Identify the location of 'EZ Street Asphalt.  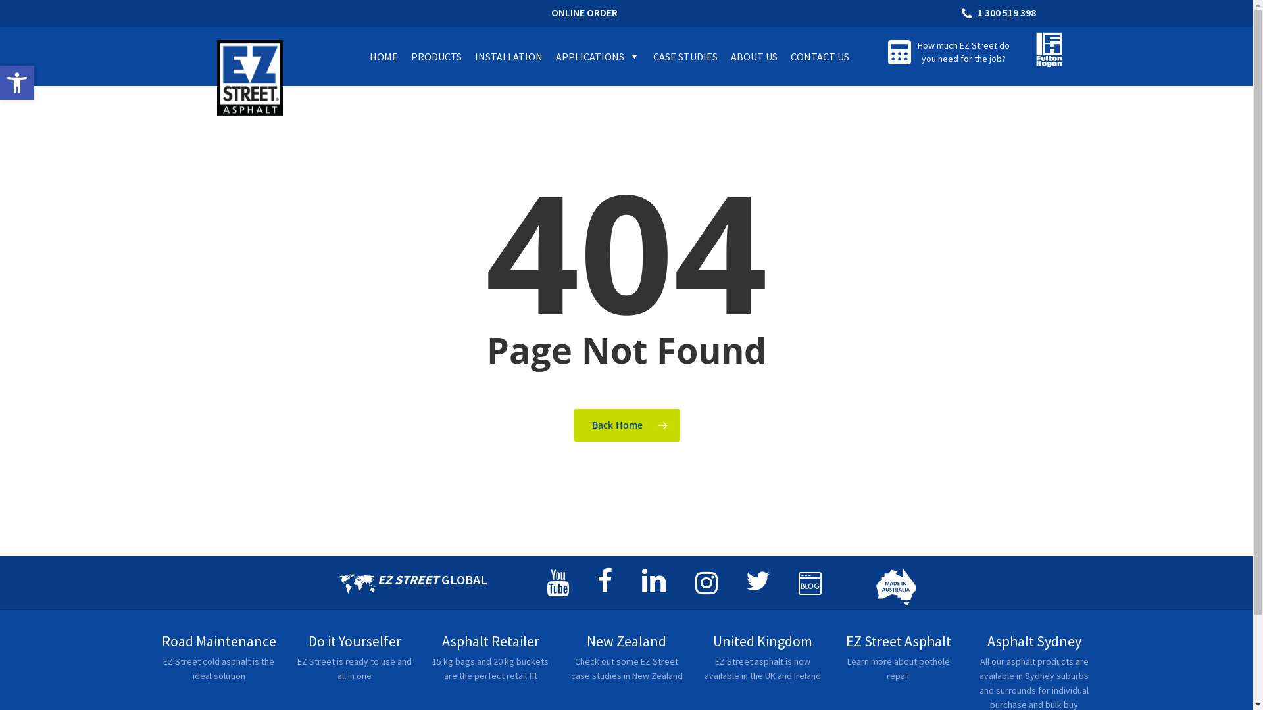
(897, 664).